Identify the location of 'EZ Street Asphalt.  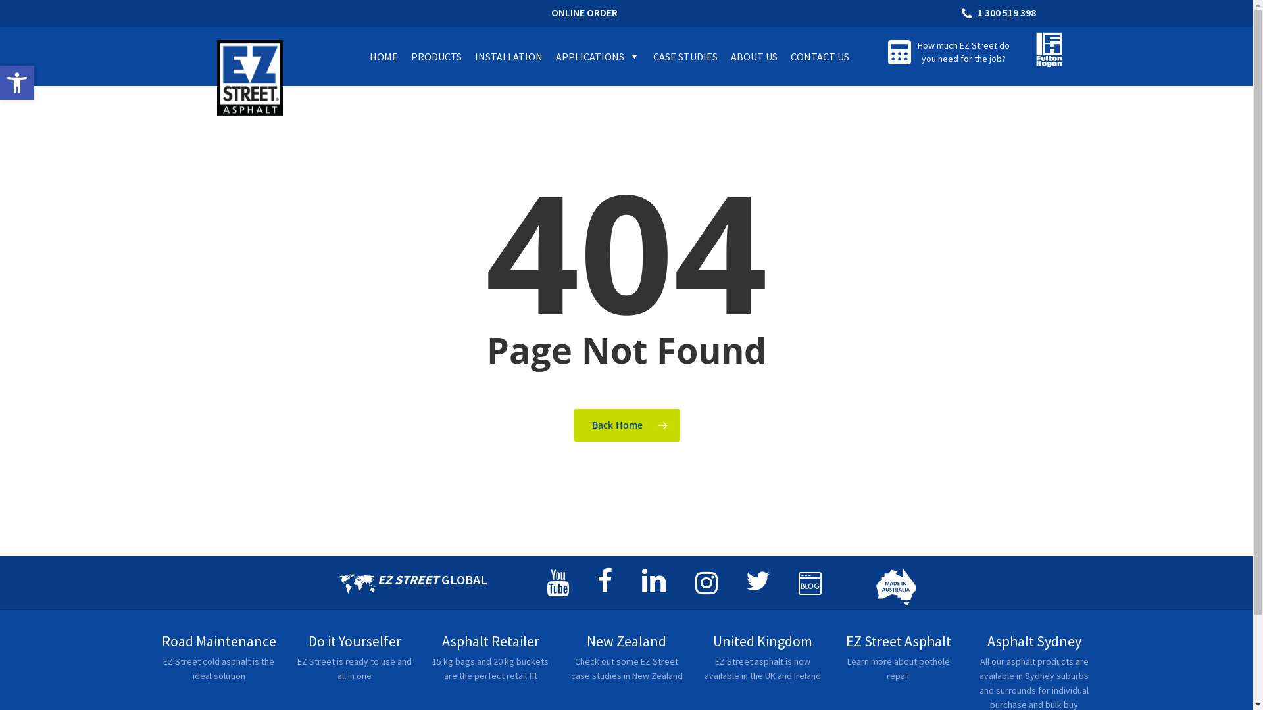
(897, 664).